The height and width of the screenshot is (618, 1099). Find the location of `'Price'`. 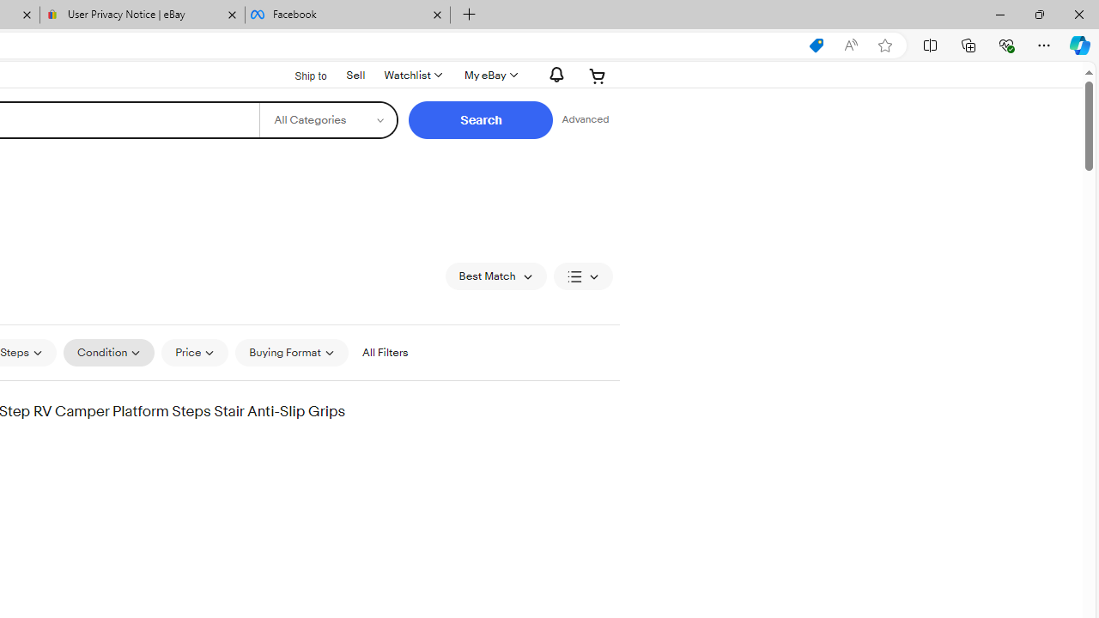

'Price' is located at coordinates (195, 352).